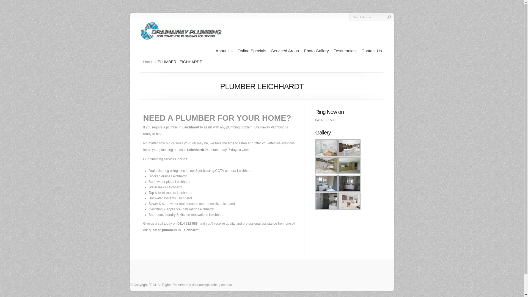  Describe the element at coordinates (349, 165) in the screenshot. I see `'p1000432'` at that location.